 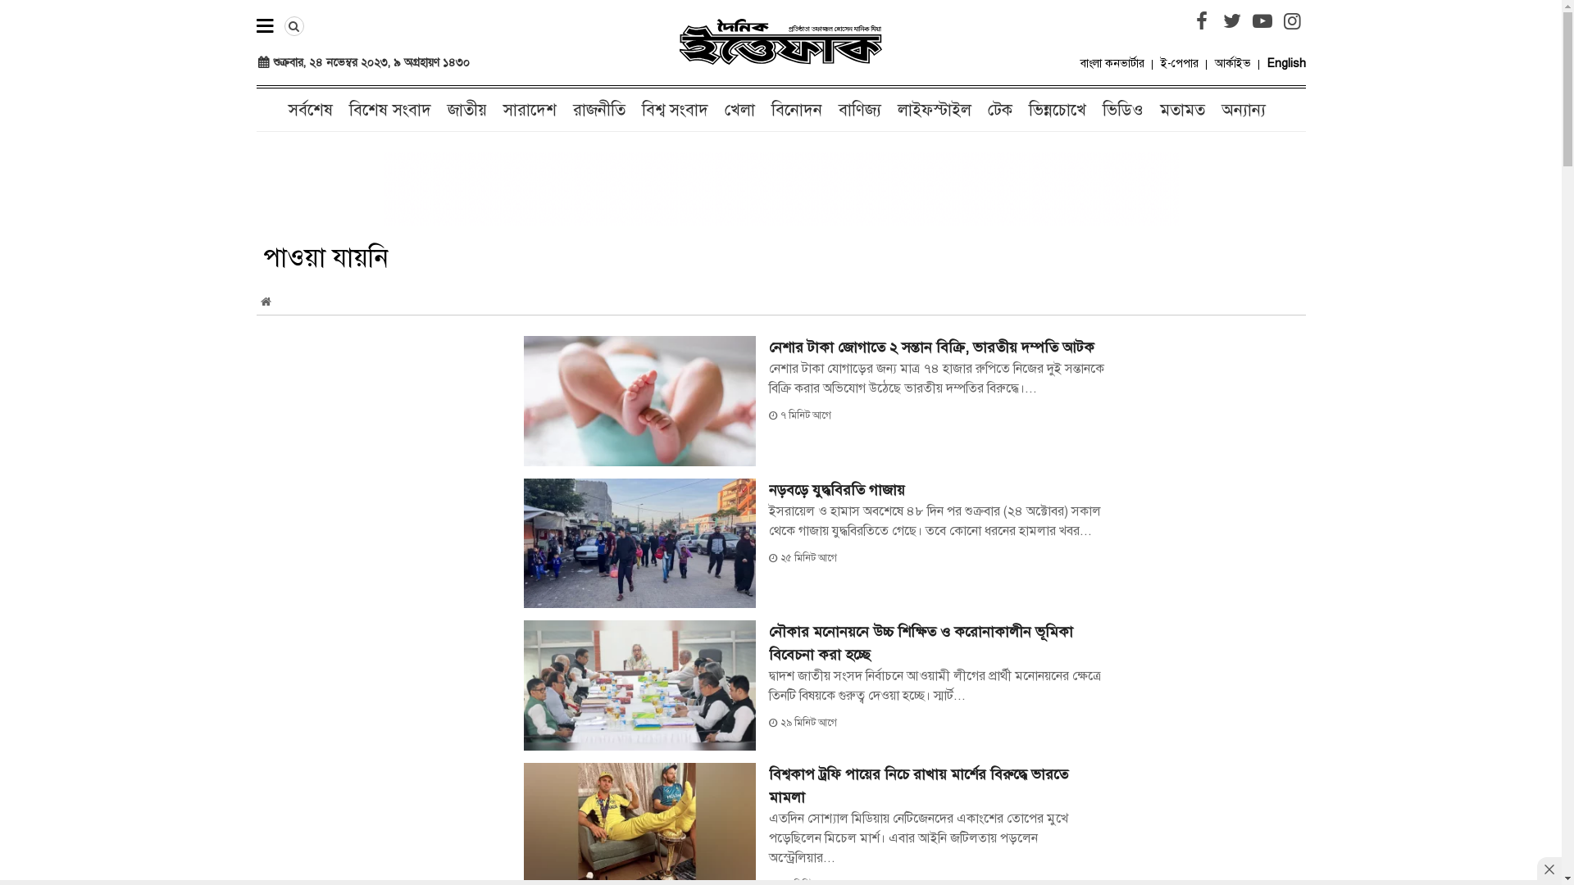 I want to click on 'English', so click(x=1285, y=62).